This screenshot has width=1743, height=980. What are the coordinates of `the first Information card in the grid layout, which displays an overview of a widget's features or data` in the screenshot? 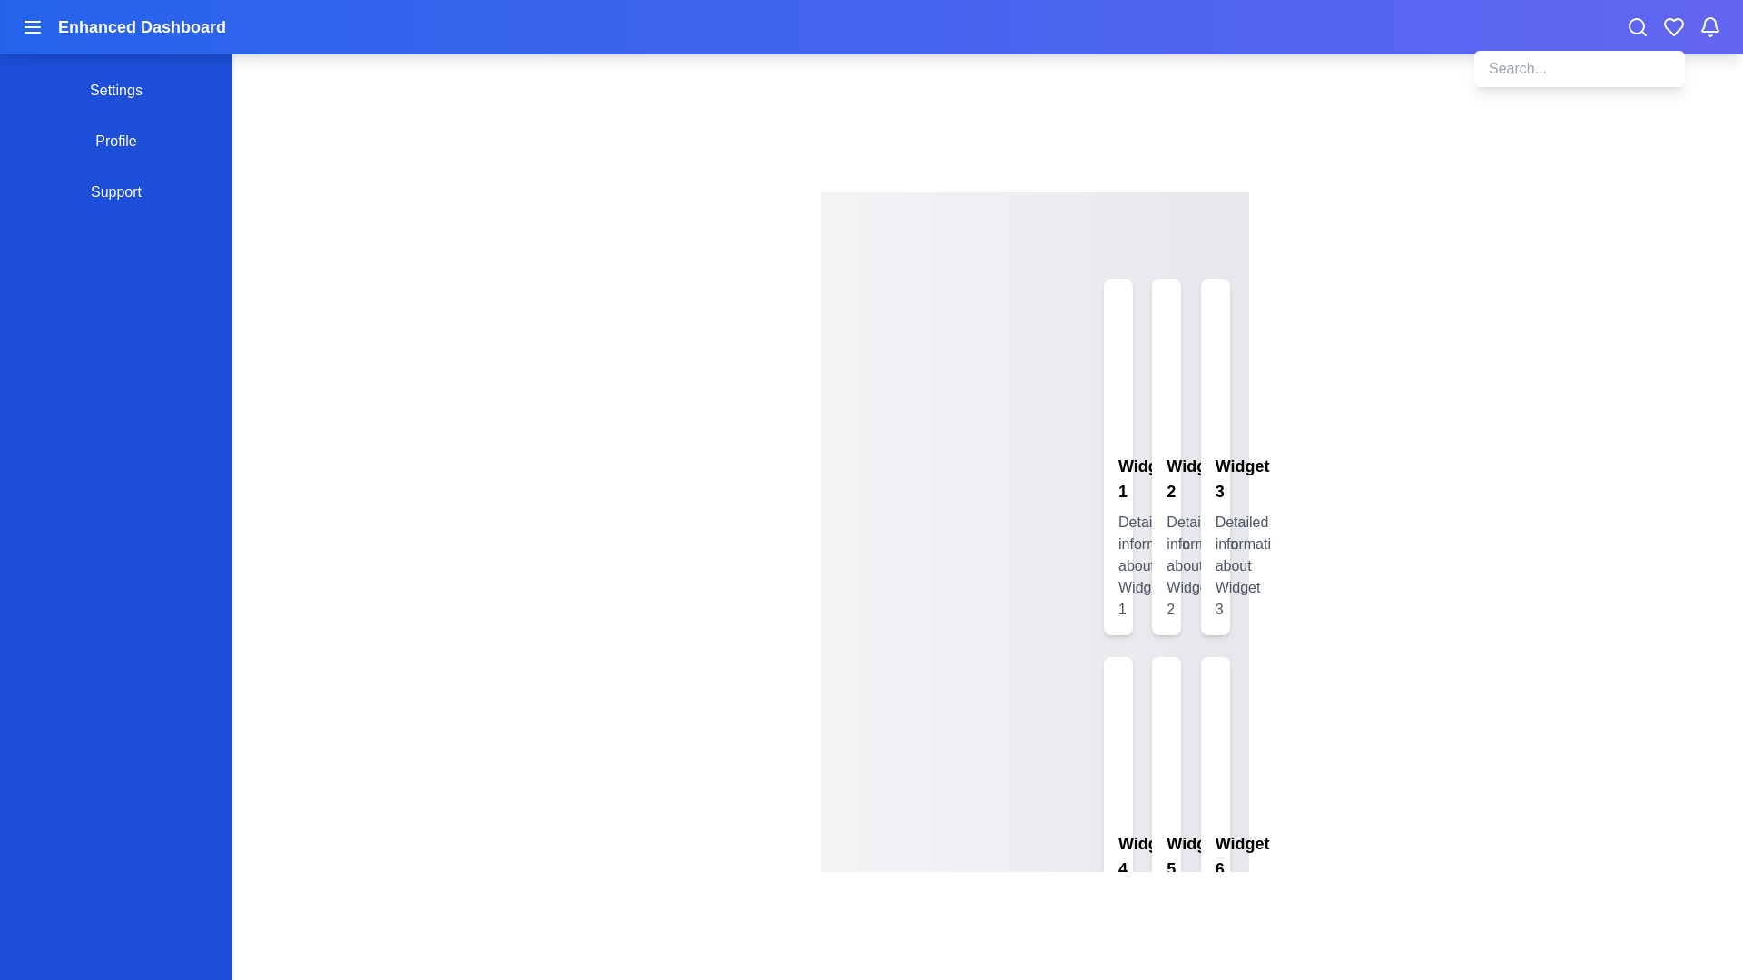 It's located at (1118, 456).